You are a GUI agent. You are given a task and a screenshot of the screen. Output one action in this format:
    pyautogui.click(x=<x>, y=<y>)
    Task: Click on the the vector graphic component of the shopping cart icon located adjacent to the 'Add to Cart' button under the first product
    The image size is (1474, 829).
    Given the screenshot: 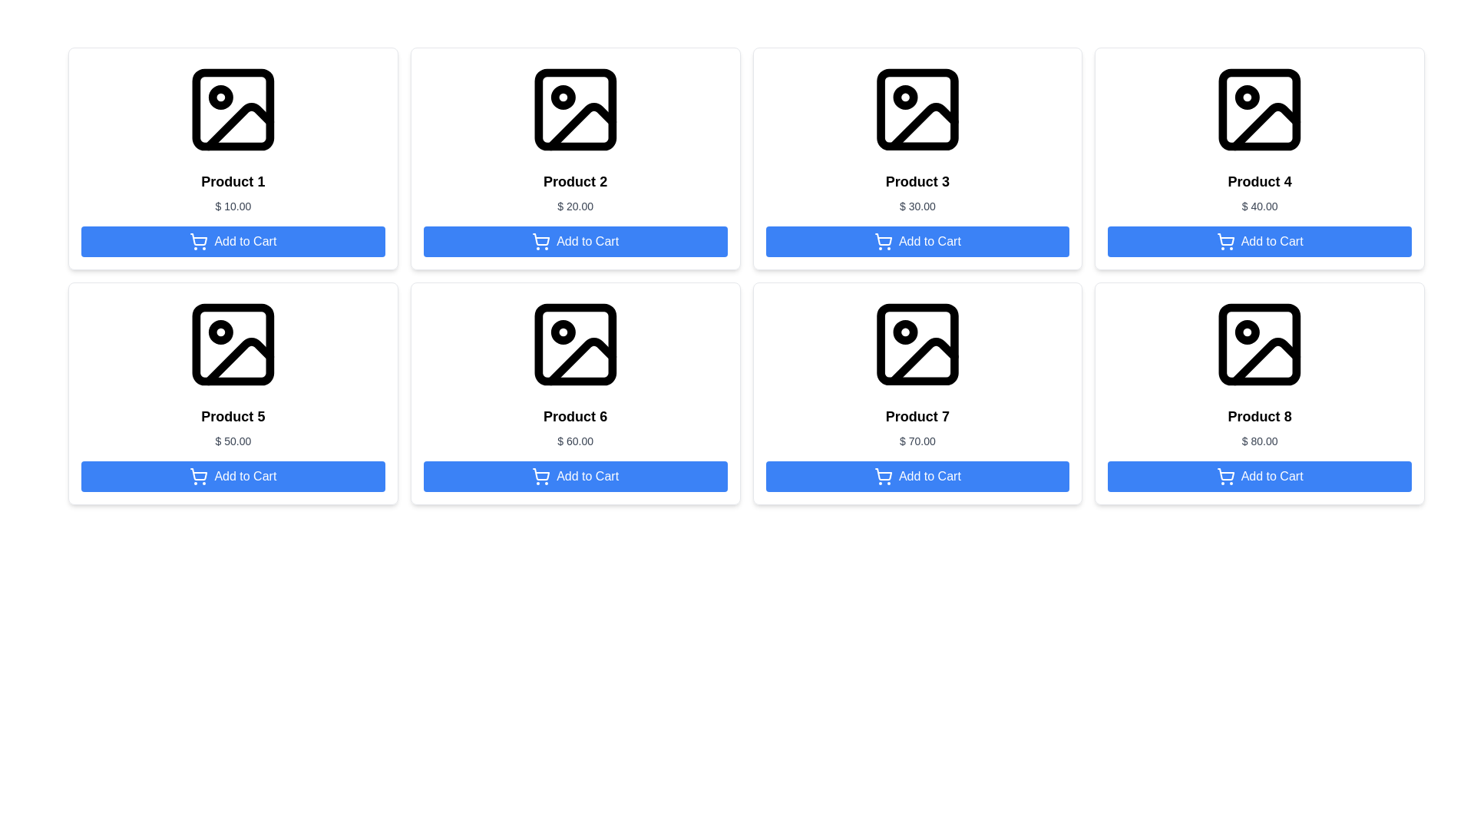 What is the action you would take?
    pyautogui.click(x=198, y=239)
    